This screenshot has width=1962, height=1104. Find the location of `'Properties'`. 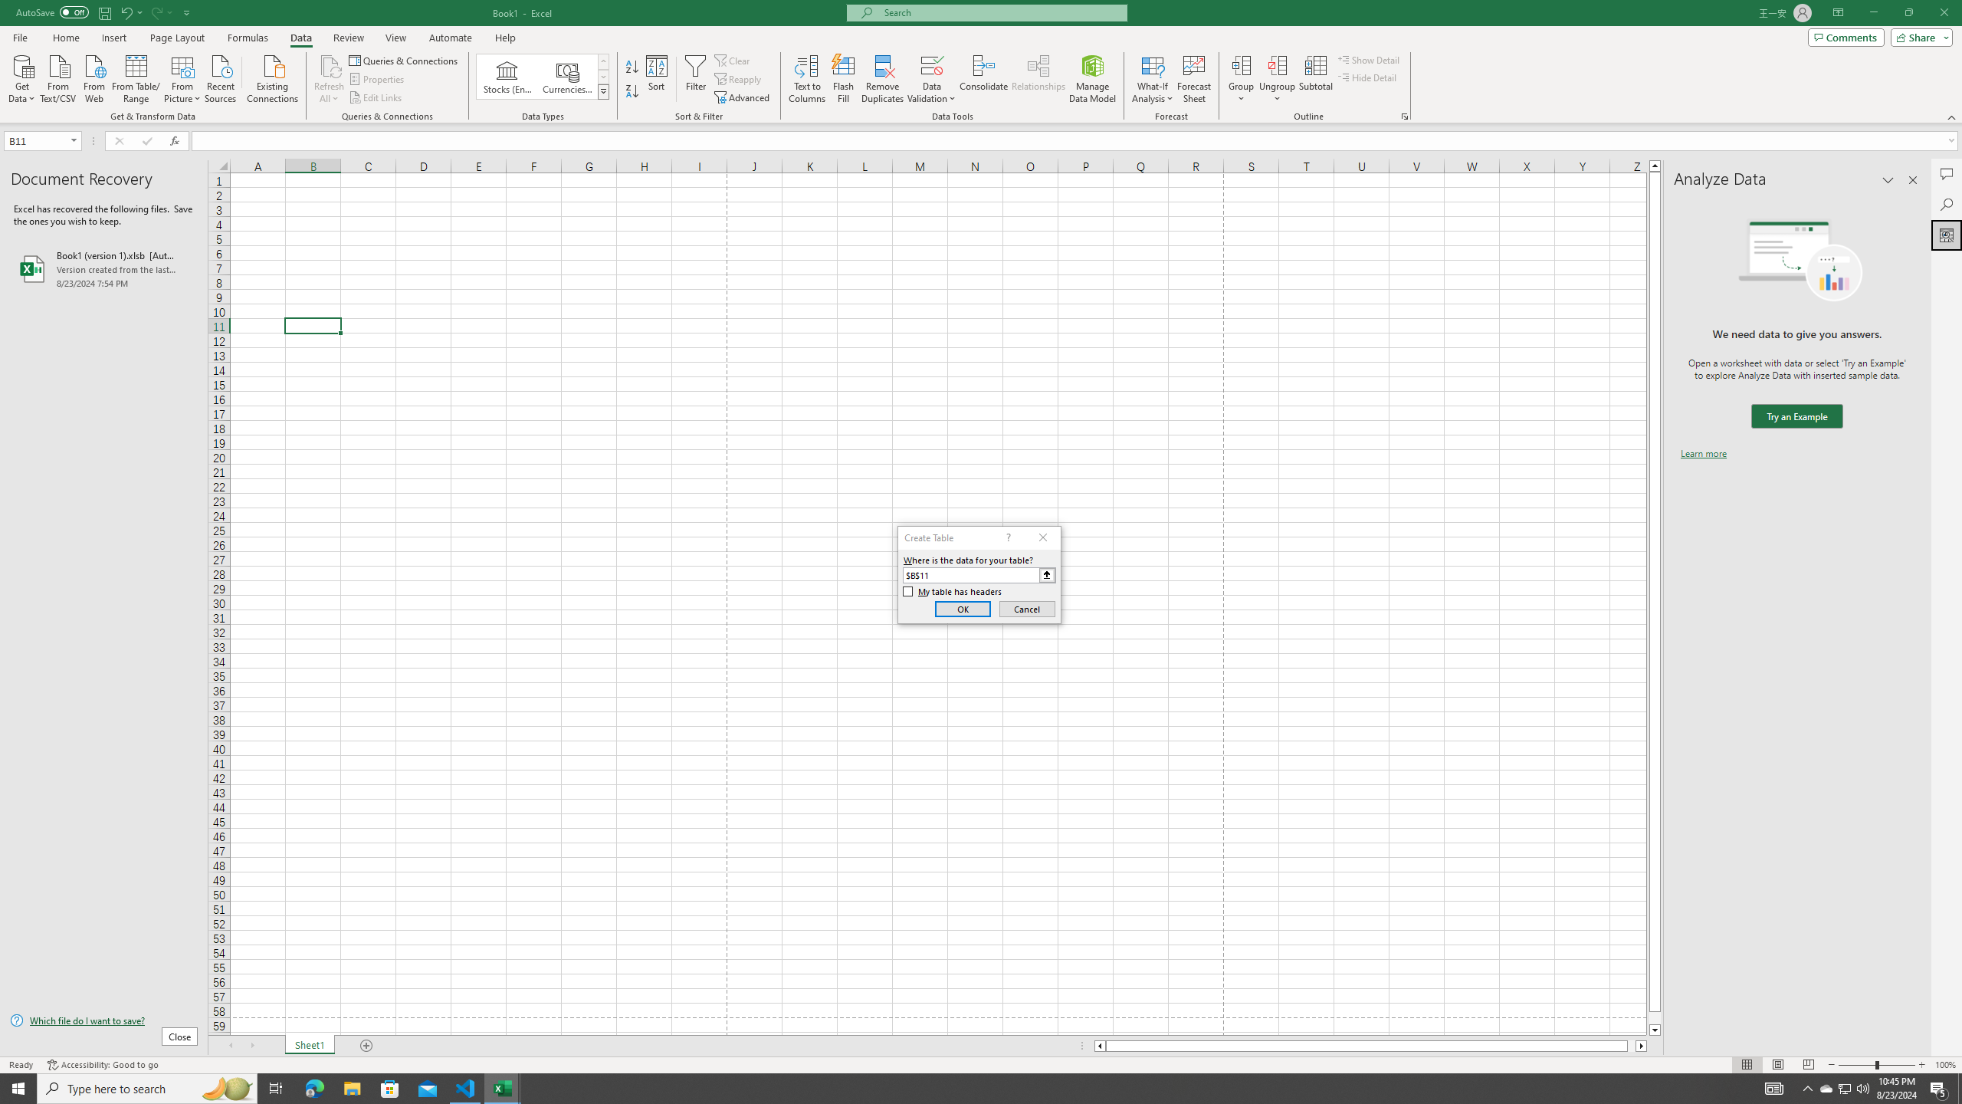

'Properties' is located at coordinates (378, 79).